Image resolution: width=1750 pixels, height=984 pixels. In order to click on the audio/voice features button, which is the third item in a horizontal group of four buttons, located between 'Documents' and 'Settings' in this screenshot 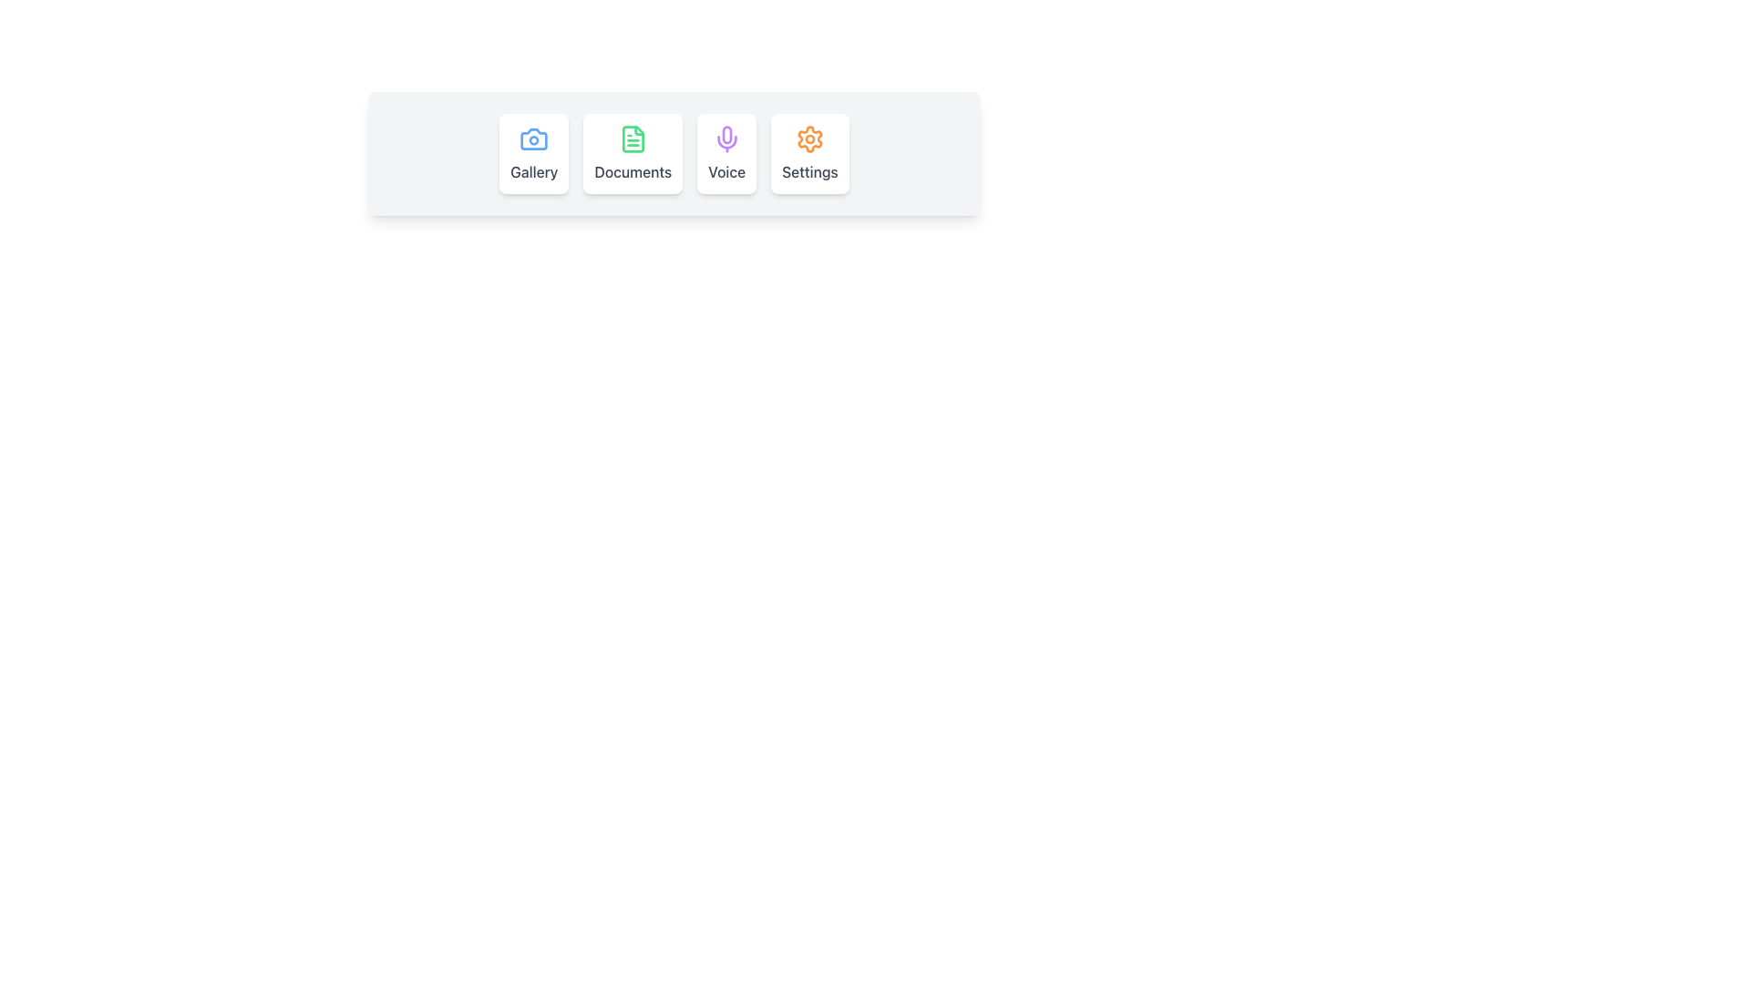, I will do `click(726, 153)`.